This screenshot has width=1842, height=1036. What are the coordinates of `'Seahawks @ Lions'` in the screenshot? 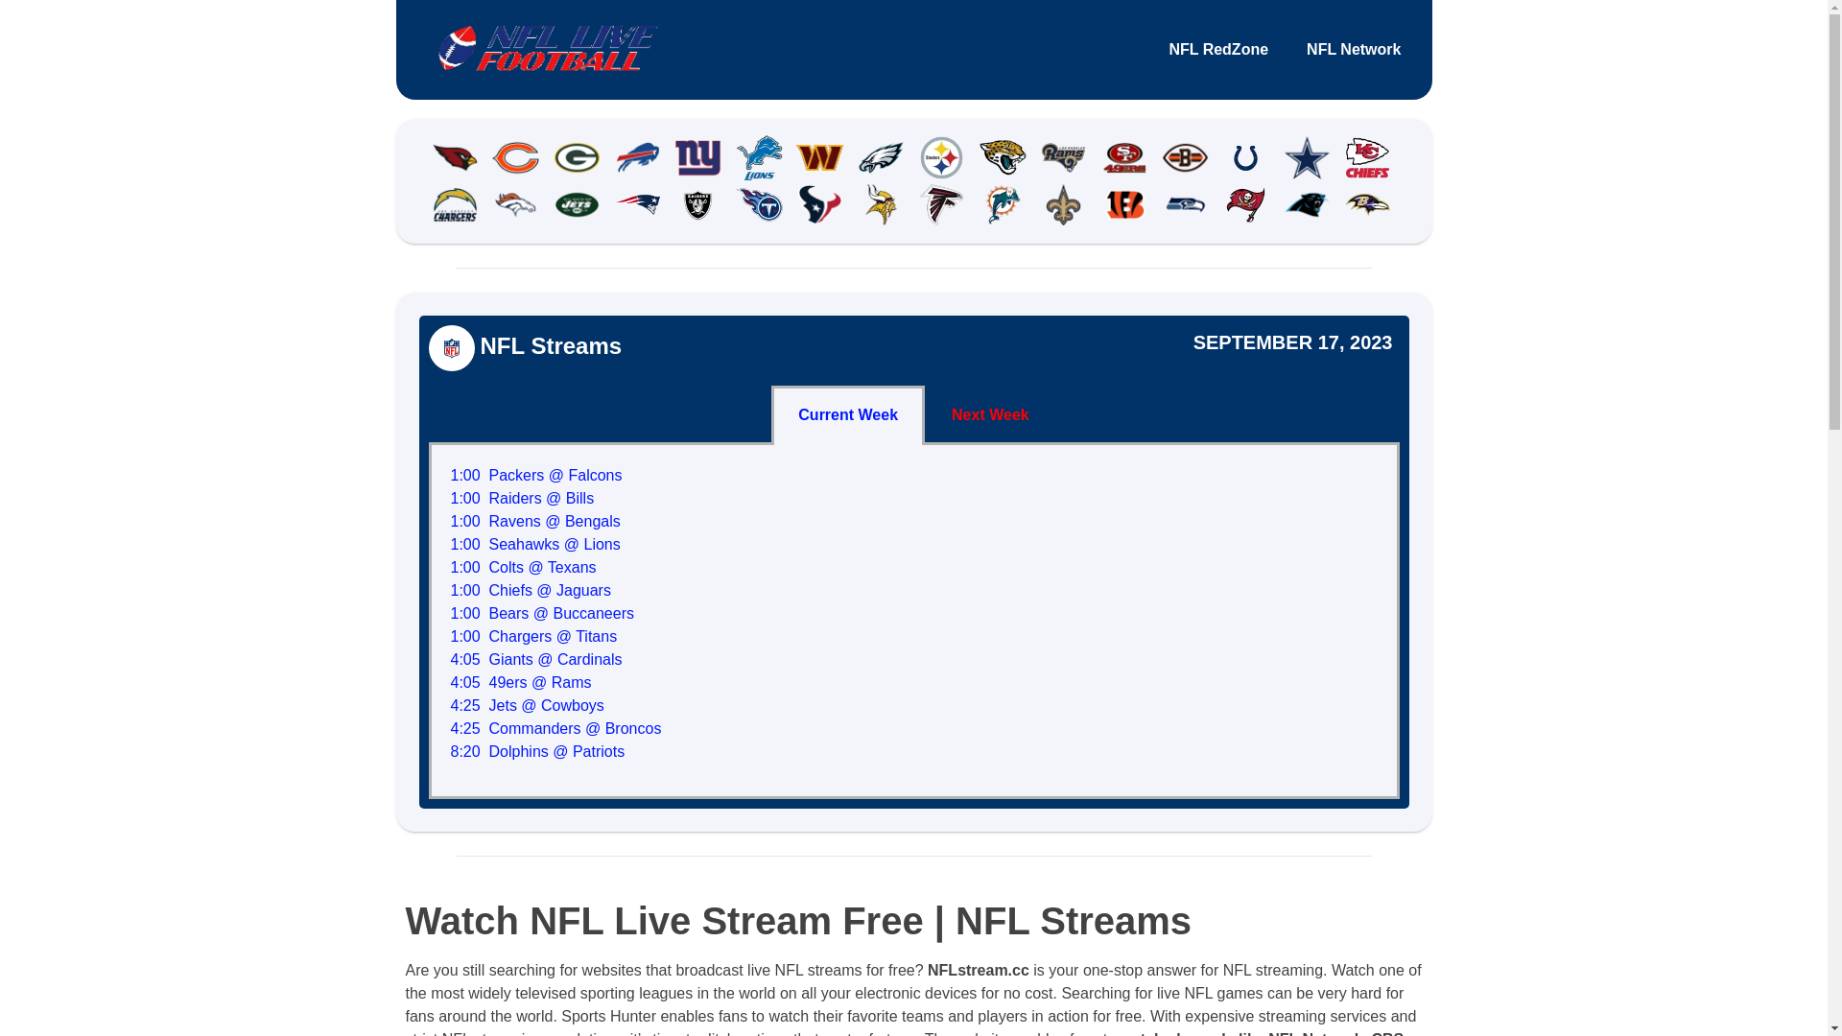 It's located at (554, 544).